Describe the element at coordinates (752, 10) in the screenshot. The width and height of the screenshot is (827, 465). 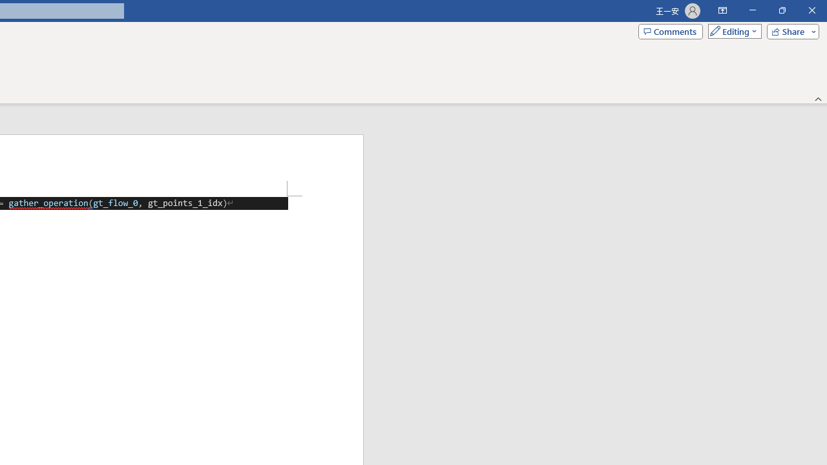
I see `'Minimize'` at that location.